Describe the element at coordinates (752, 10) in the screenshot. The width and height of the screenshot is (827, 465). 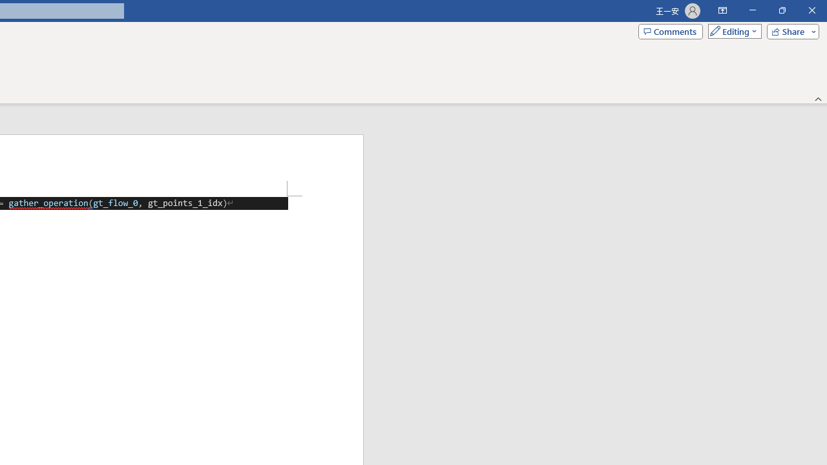
I see `'Minimize'` at that location.